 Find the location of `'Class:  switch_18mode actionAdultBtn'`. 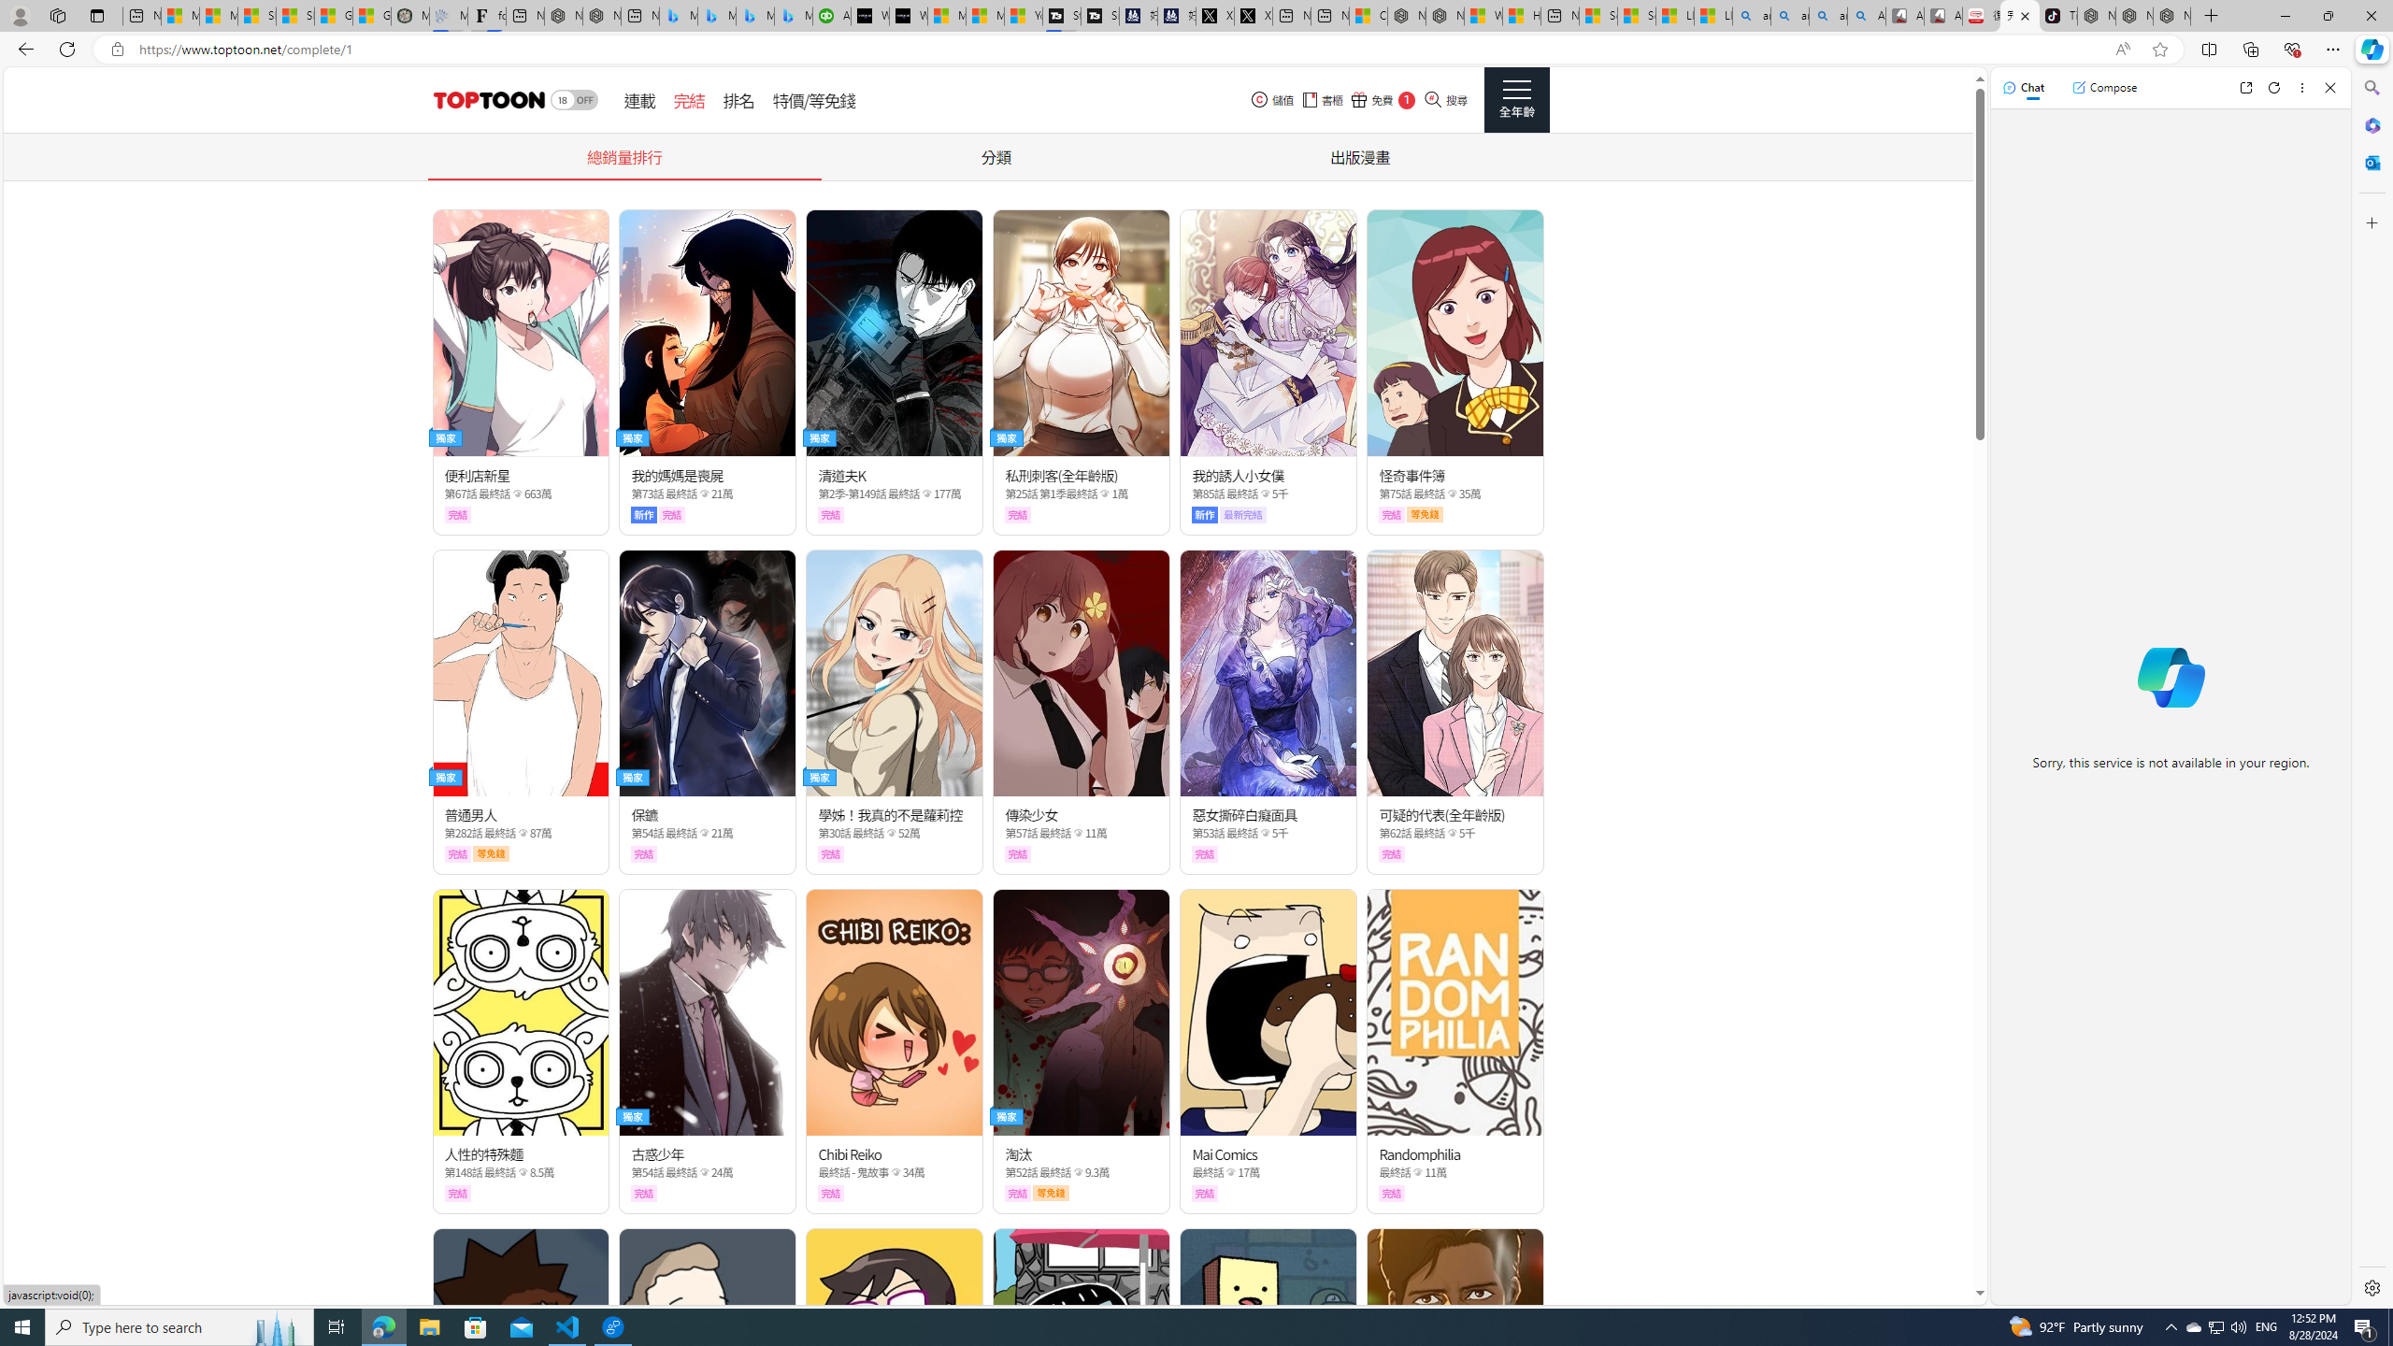

'Class:  switch_18mode actionAdultBtn' is located at coordinates (573, 100).